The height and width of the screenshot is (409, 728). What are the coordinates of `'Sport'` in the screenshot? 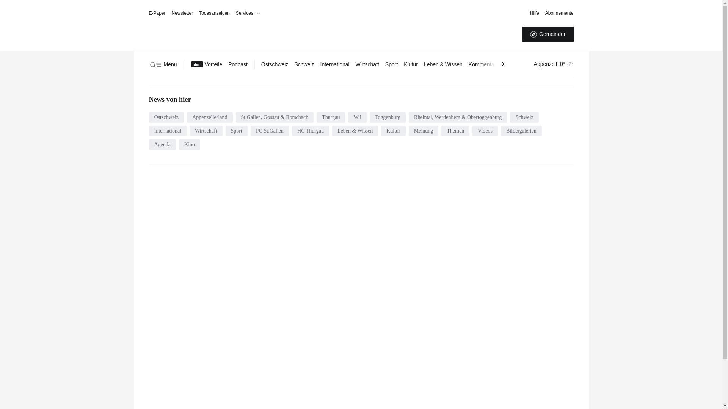 It's located at (236, 131).